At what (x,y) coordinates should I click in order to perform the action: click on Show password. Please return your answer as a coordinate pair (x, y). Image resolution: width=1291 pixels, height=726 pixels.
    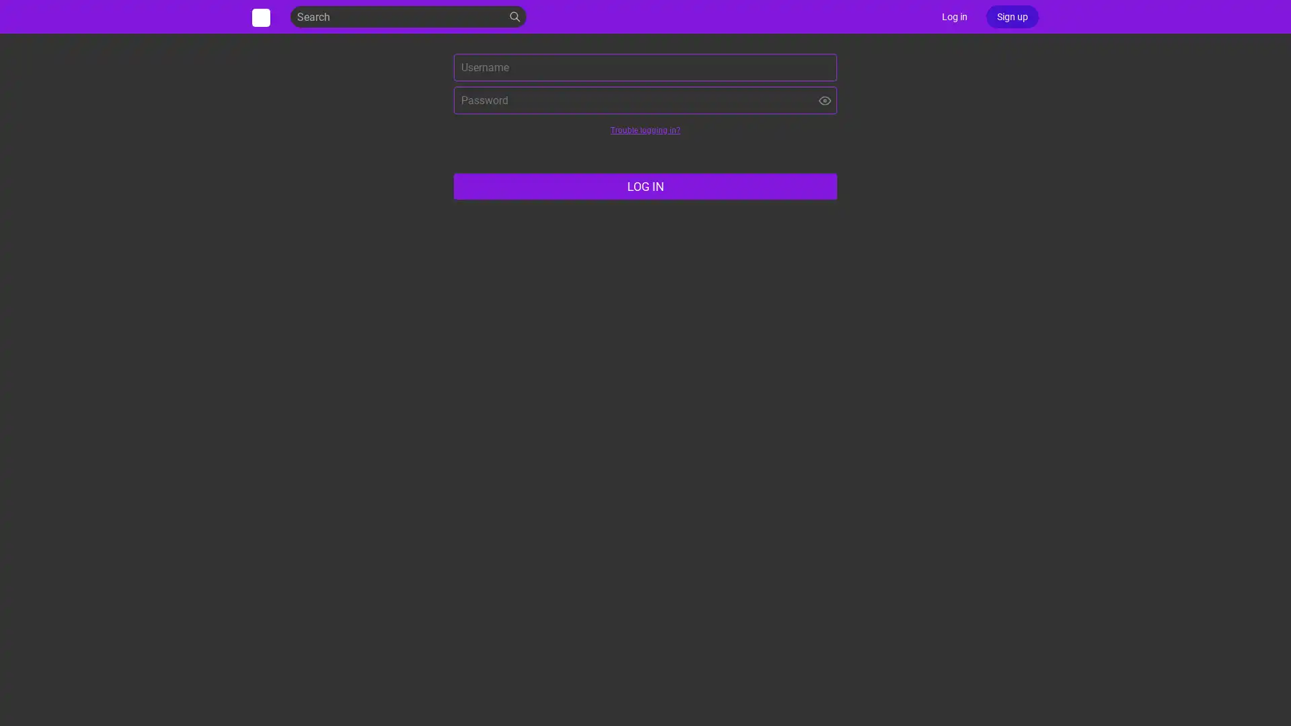
    Looking at the image, I should click on (824, 99).